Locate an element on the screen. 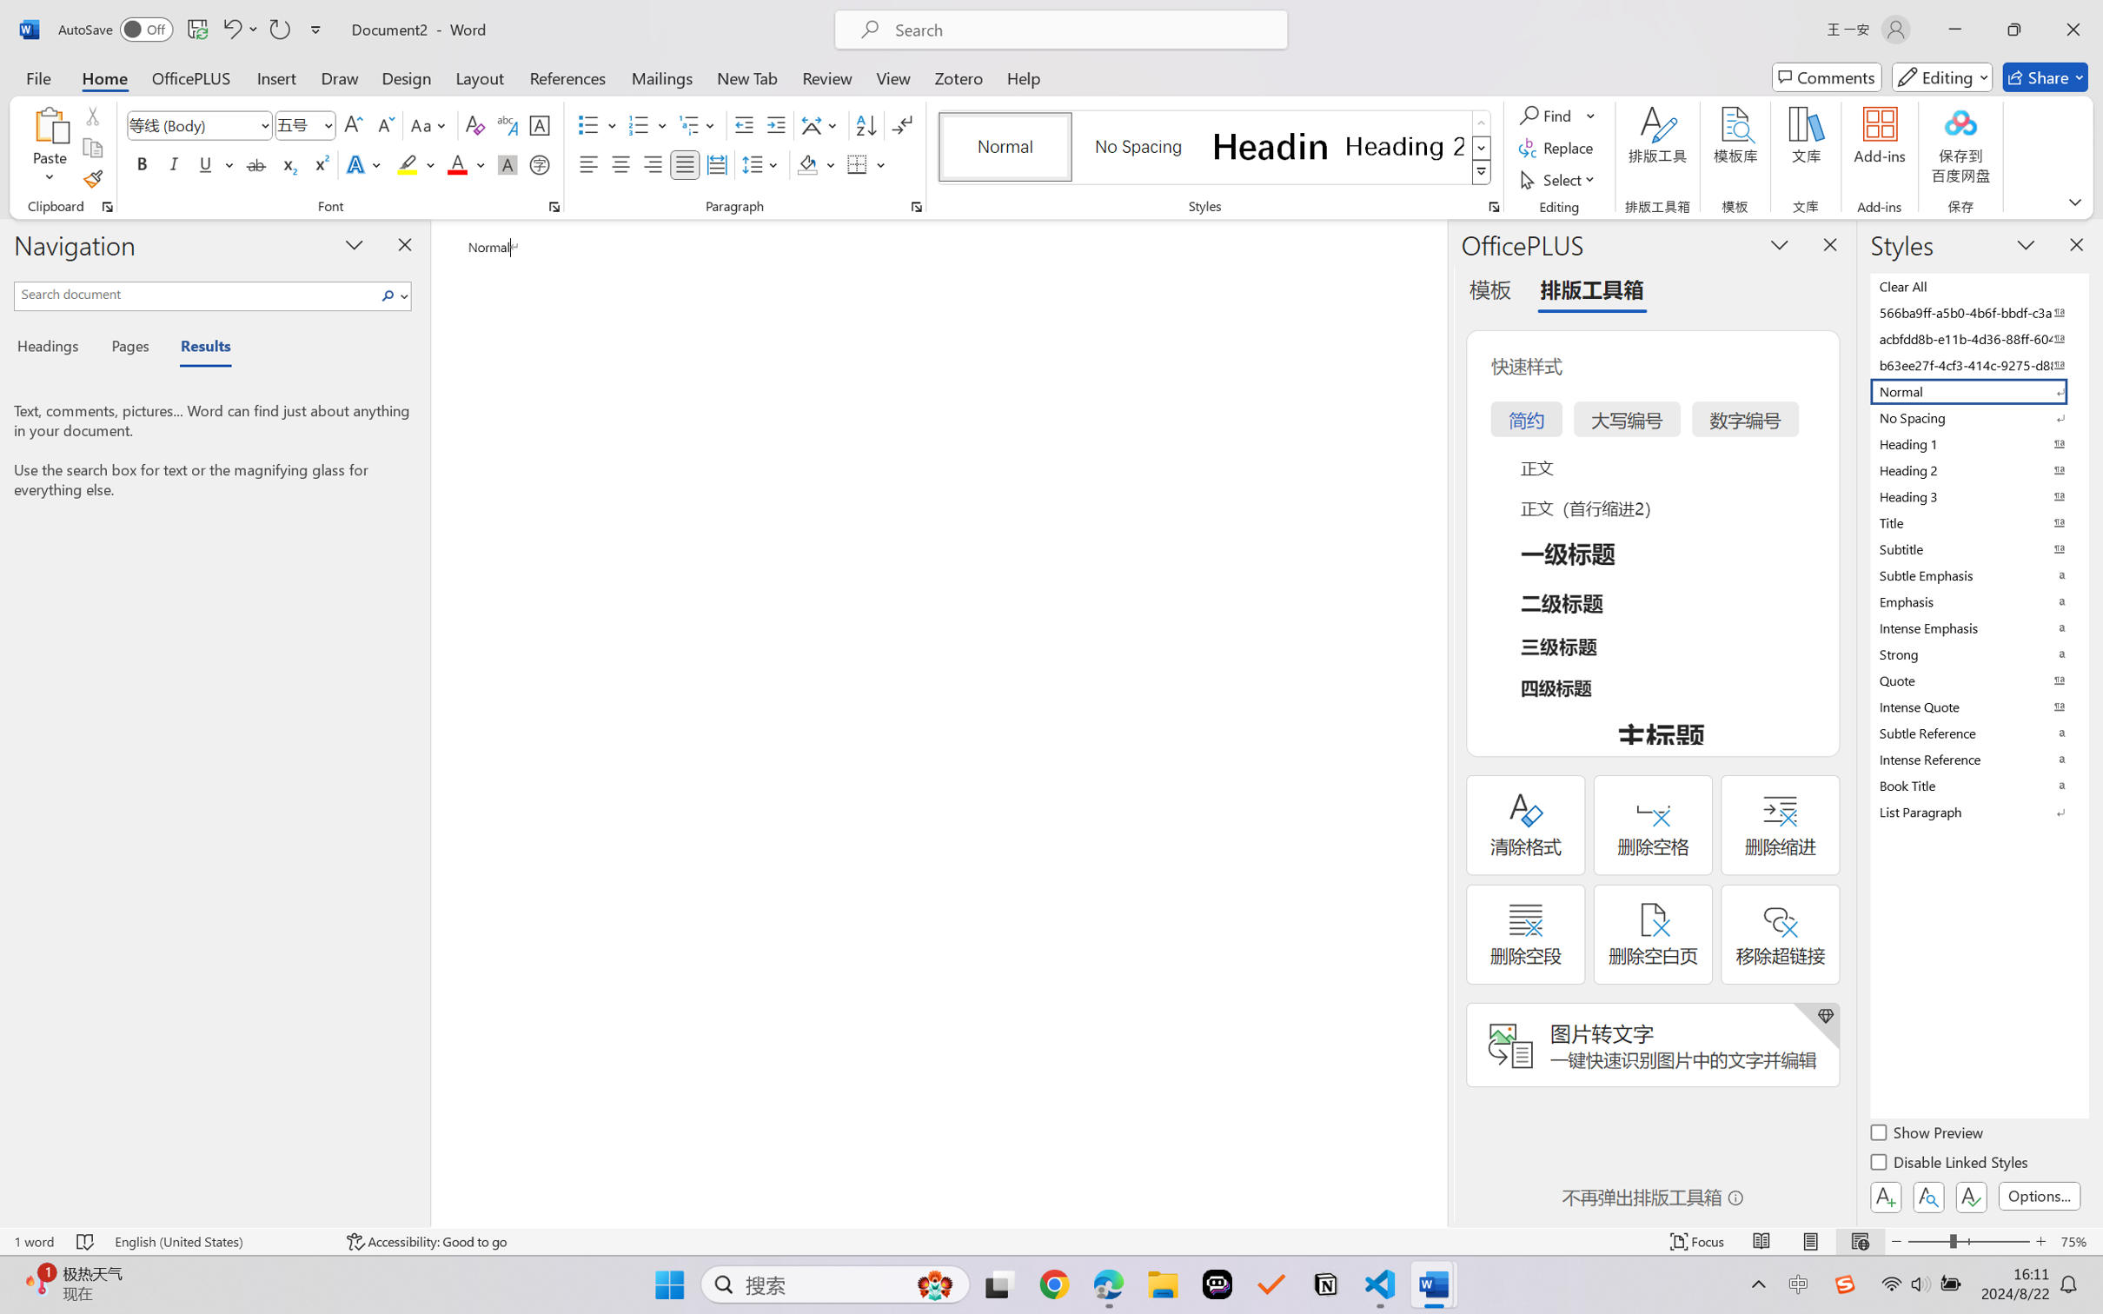 This screenshot has height=1314, width=2103. 'Subtitle' is located at coordinates (1977, 548).